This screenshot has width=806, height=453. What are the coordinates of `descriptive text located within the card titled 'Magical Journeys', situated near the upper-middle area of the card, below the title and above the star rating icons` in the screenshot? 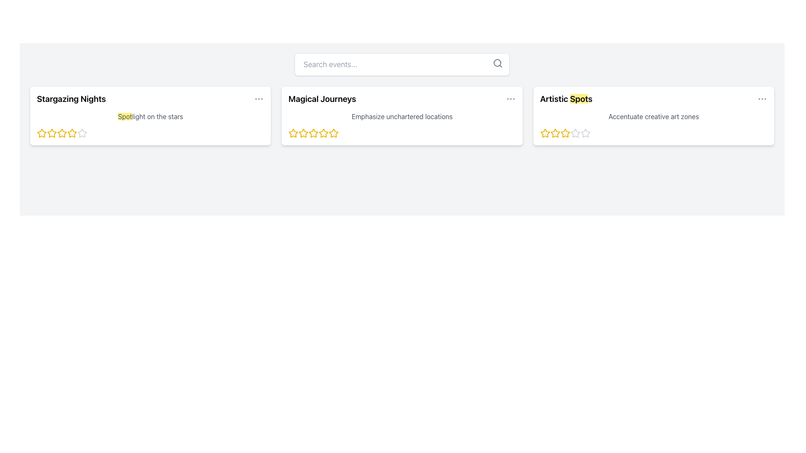 It's located at (401, 116).